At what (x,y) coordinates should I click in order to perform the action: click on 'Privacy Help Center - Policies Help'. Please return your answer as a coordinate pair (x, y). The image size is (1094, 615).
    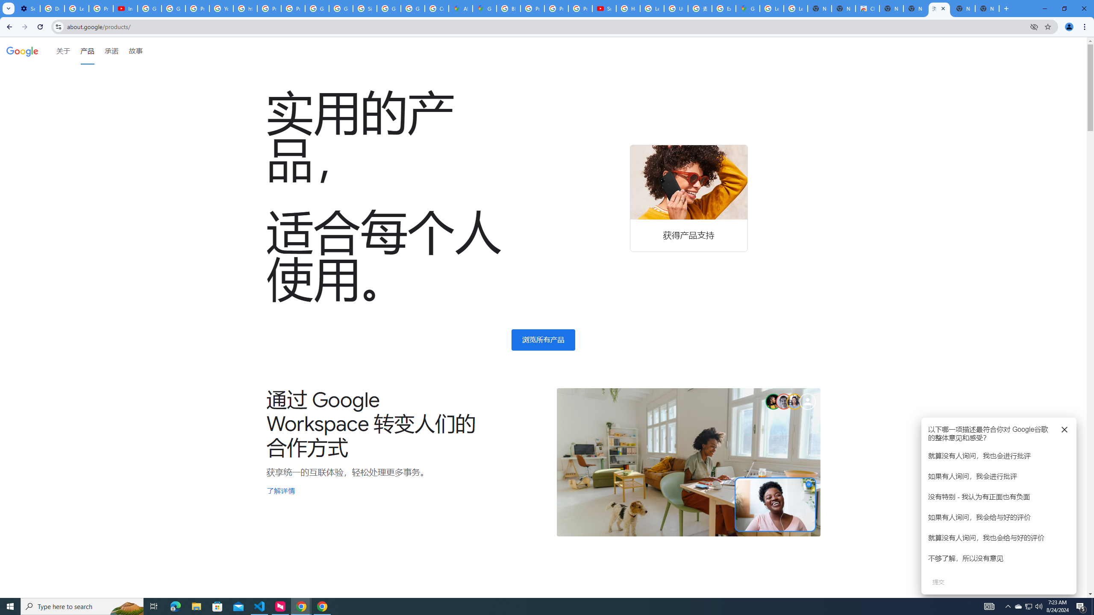
    Looking at the image, I should click on (532, 8).